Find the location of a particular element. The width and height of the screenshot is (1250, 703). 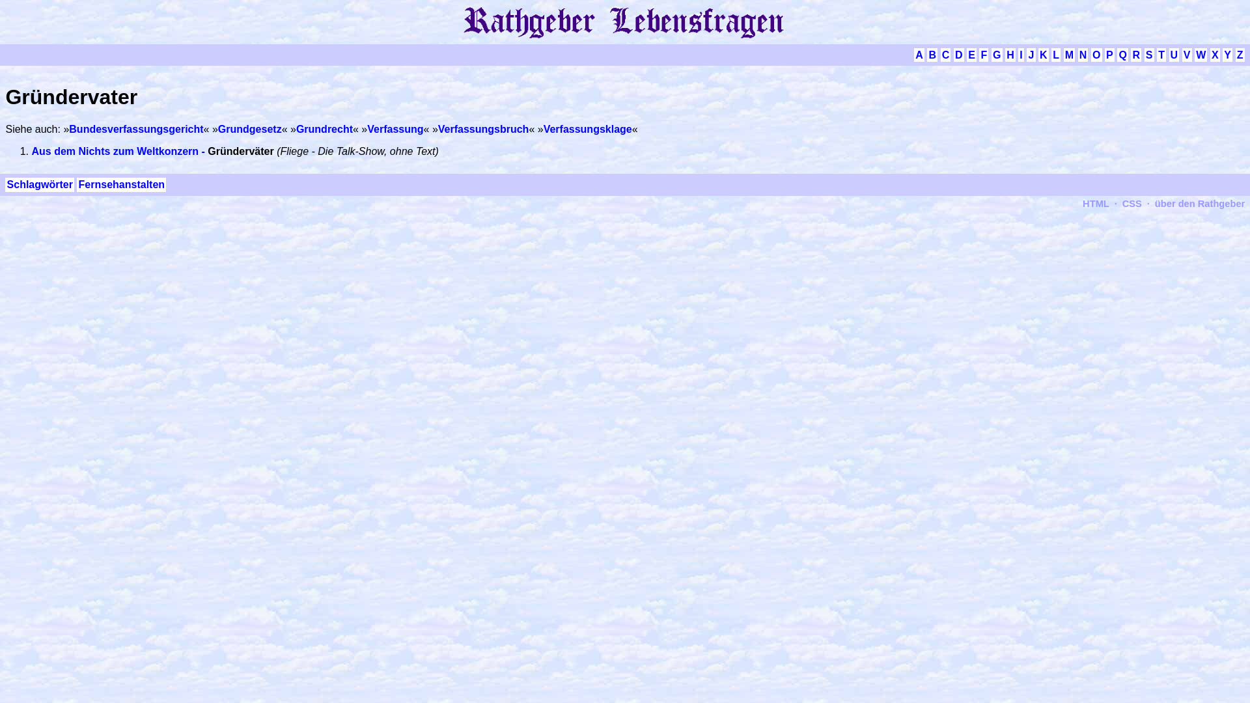

'Grundrecht' is located at coordinates (324, 129).